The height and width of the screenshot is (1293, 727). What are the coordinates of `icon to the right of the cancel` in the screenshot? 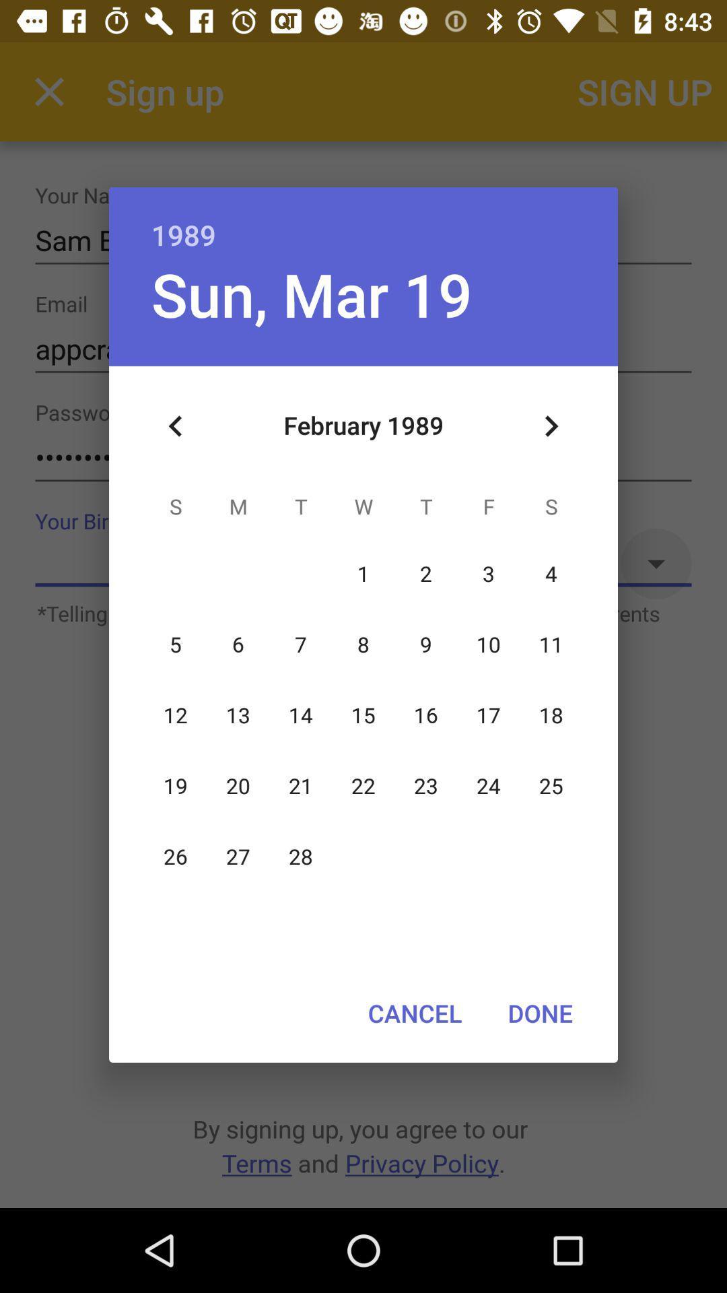 It's located at (539, 1013).